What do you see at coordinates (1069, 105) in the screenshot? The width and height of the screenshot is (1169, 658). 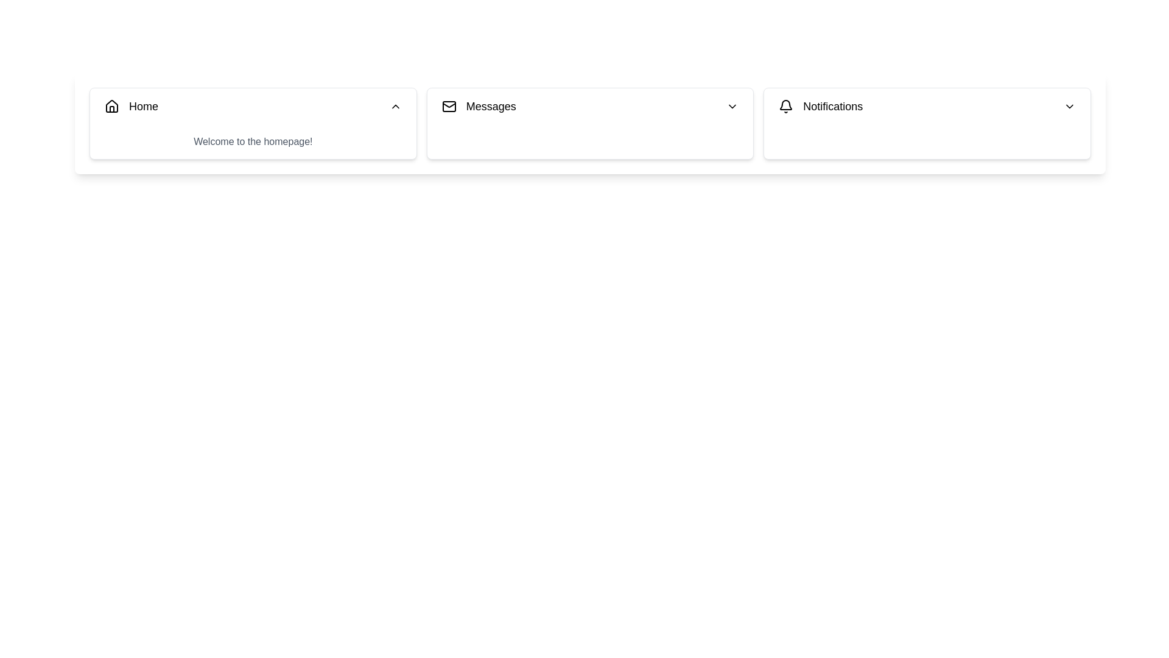 I see `the downward-pointing chevron icon located at the far-right side of the 'Notifications' section in the toolbar` at bounding box center [1069, 105].